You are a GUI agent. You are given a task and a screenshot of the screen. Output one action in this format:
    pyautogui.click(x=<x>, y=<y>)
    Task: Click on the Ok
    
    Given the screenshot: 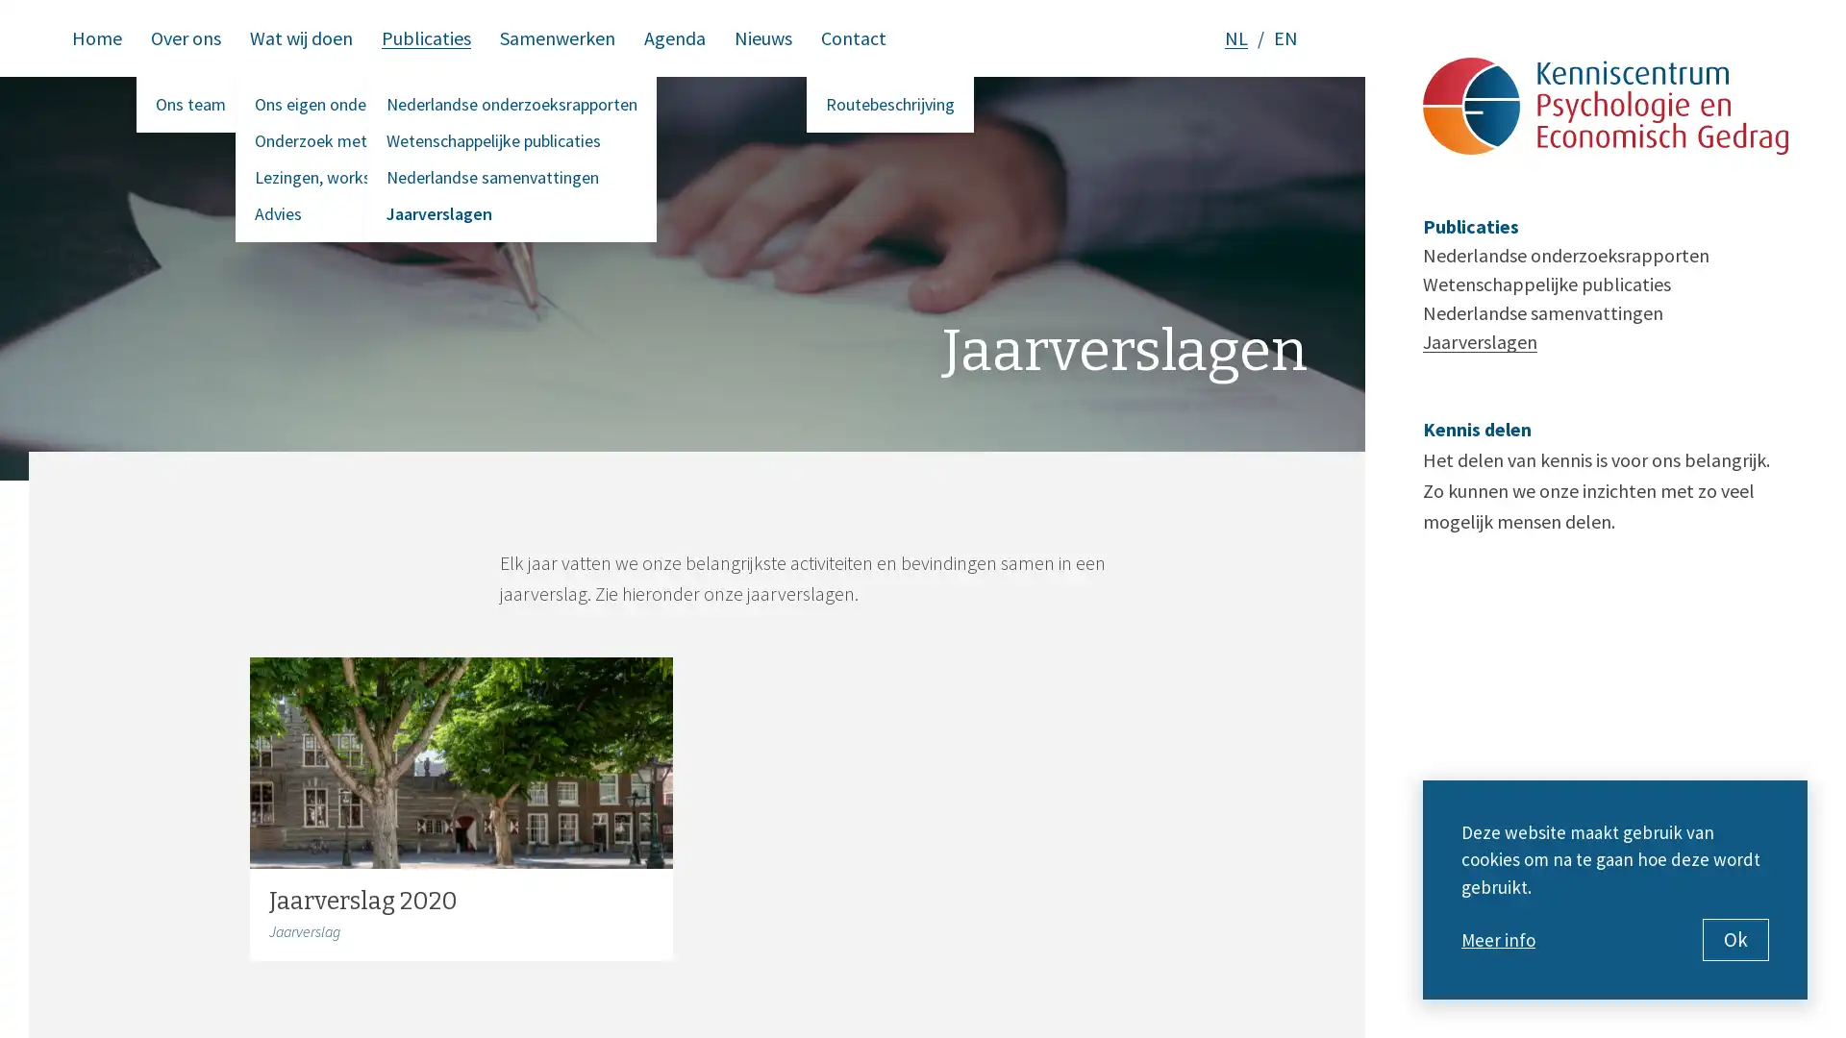 What is the action you would take?
    pyautogui.click(x=1735, y=939)
    